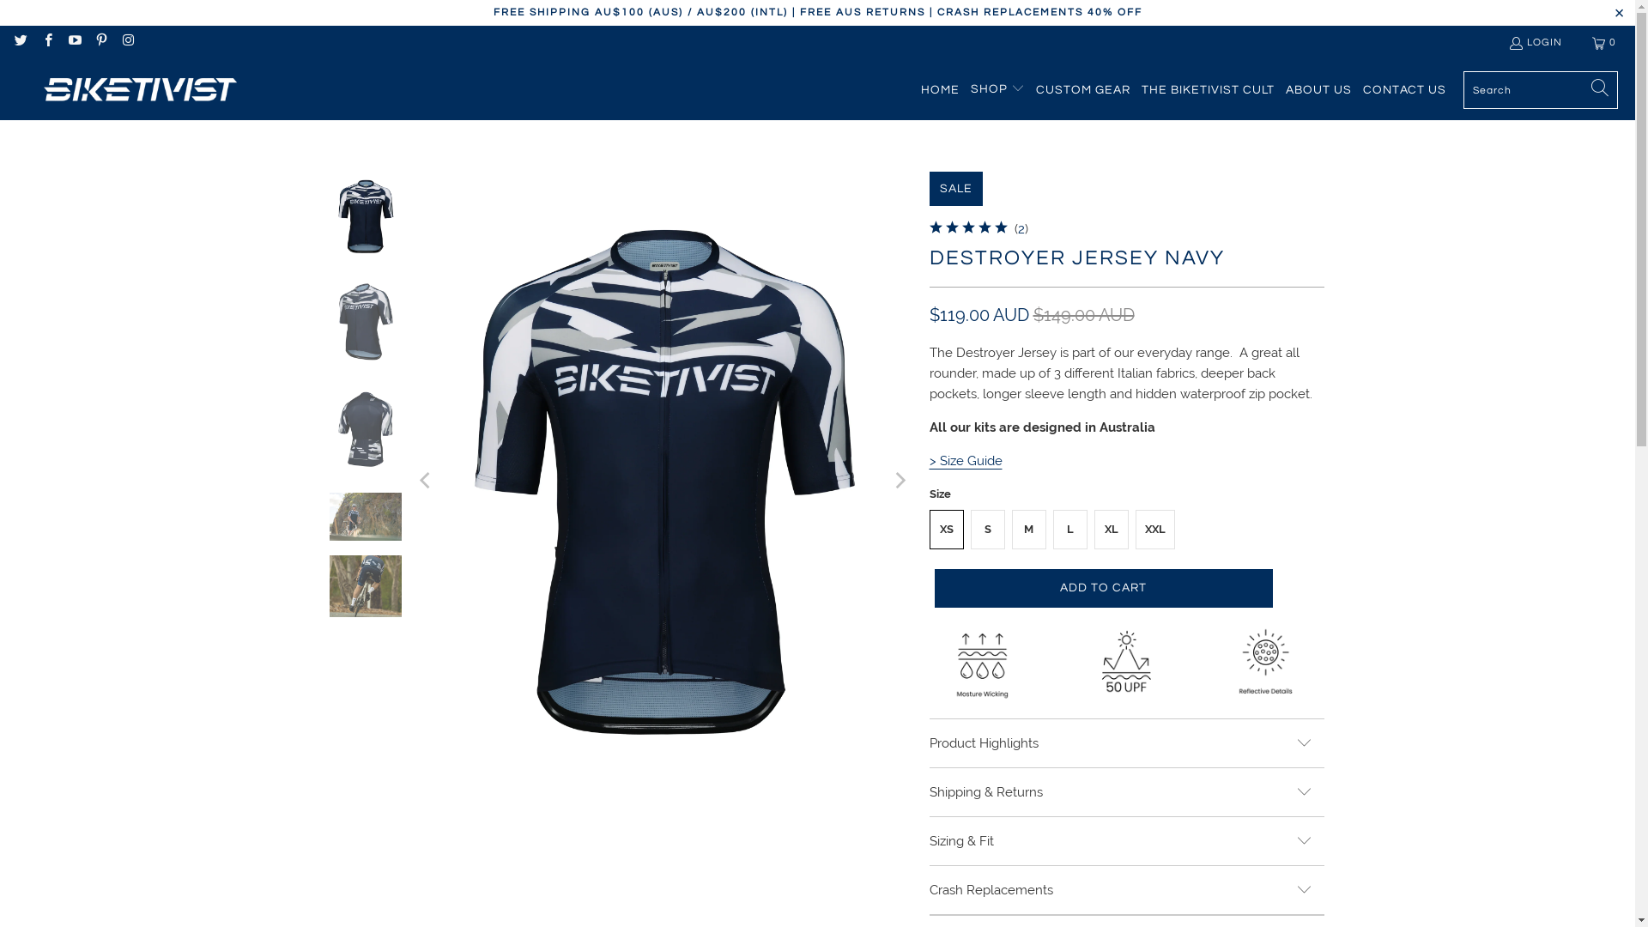 The width and height of the screenshot is (1648, 927). I want to click on 'Biketivist on Instagram', so click(126, 41).